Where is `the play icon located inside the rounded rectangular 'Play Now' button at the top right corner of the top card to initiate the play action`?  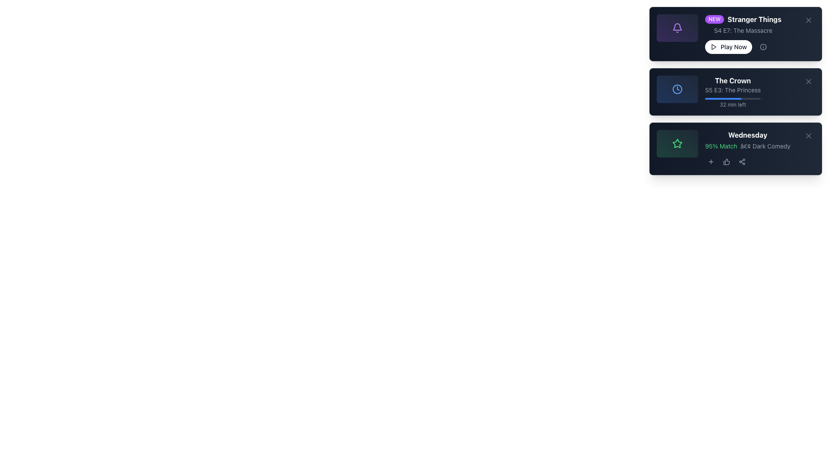
the play icon located inside the rounded rectangular 'Play Now' button at the top right corner of the top card to initiate the play action is located at coordinates (713, 47).